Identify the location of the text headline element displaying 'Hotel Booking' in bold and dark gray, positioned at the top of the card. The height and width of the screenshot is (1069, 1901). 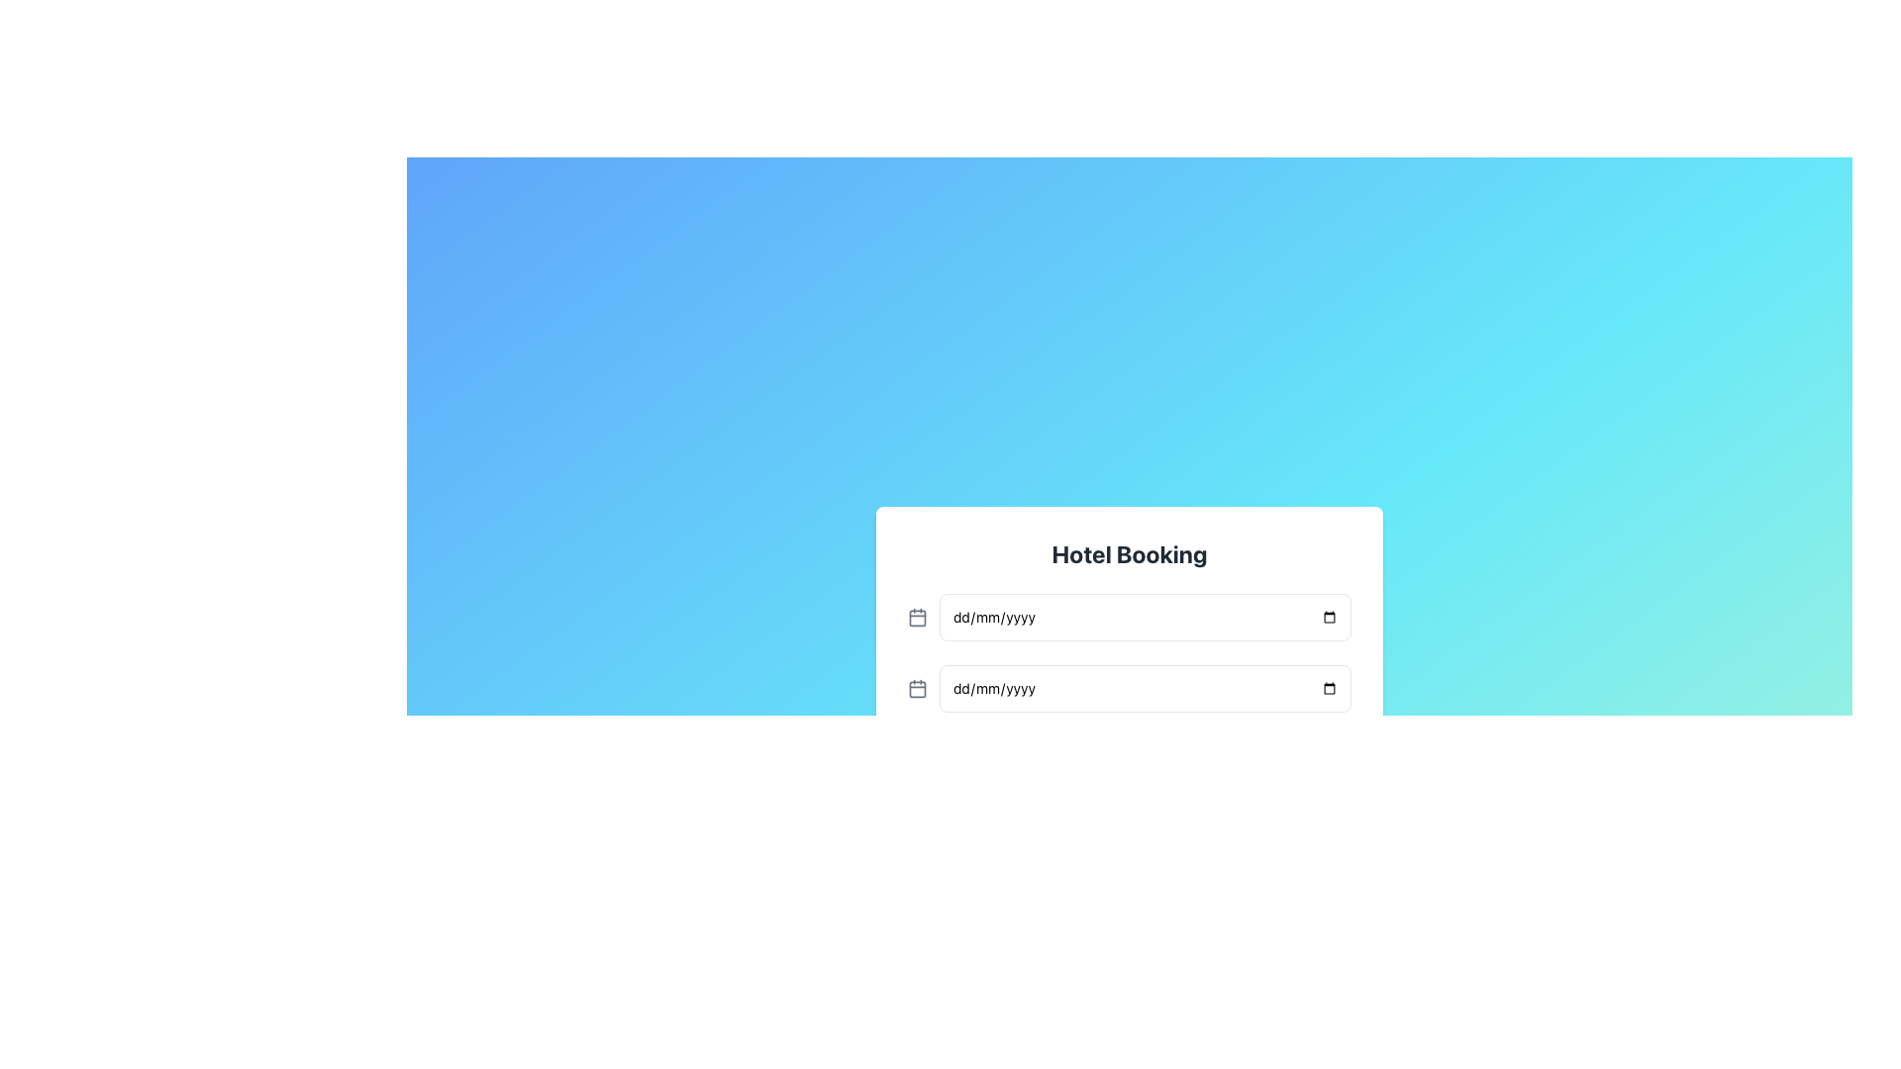
(1130, 553).